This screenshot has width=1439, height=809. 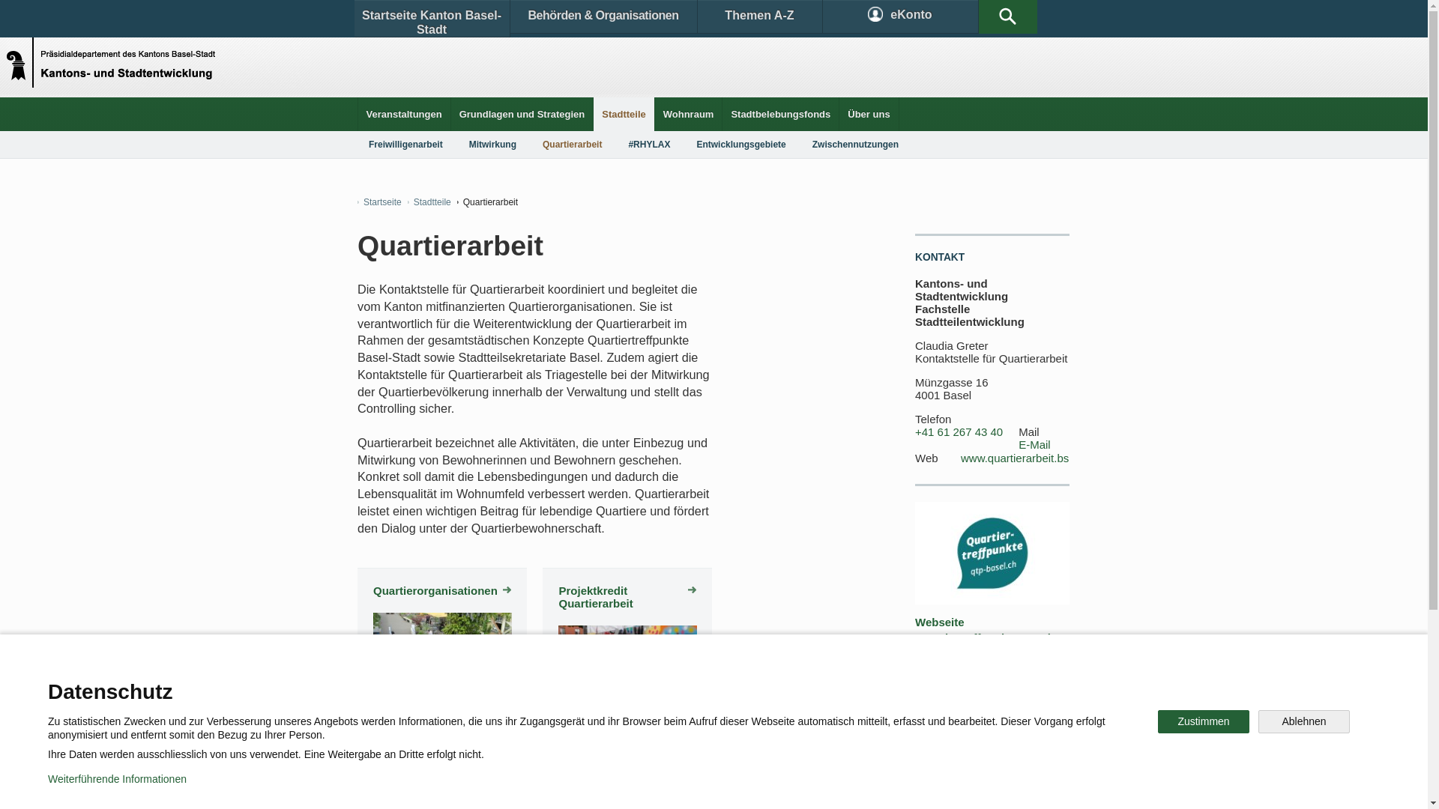 I want to click on 'Quartierorganisationen', so click(x=441, y=590).